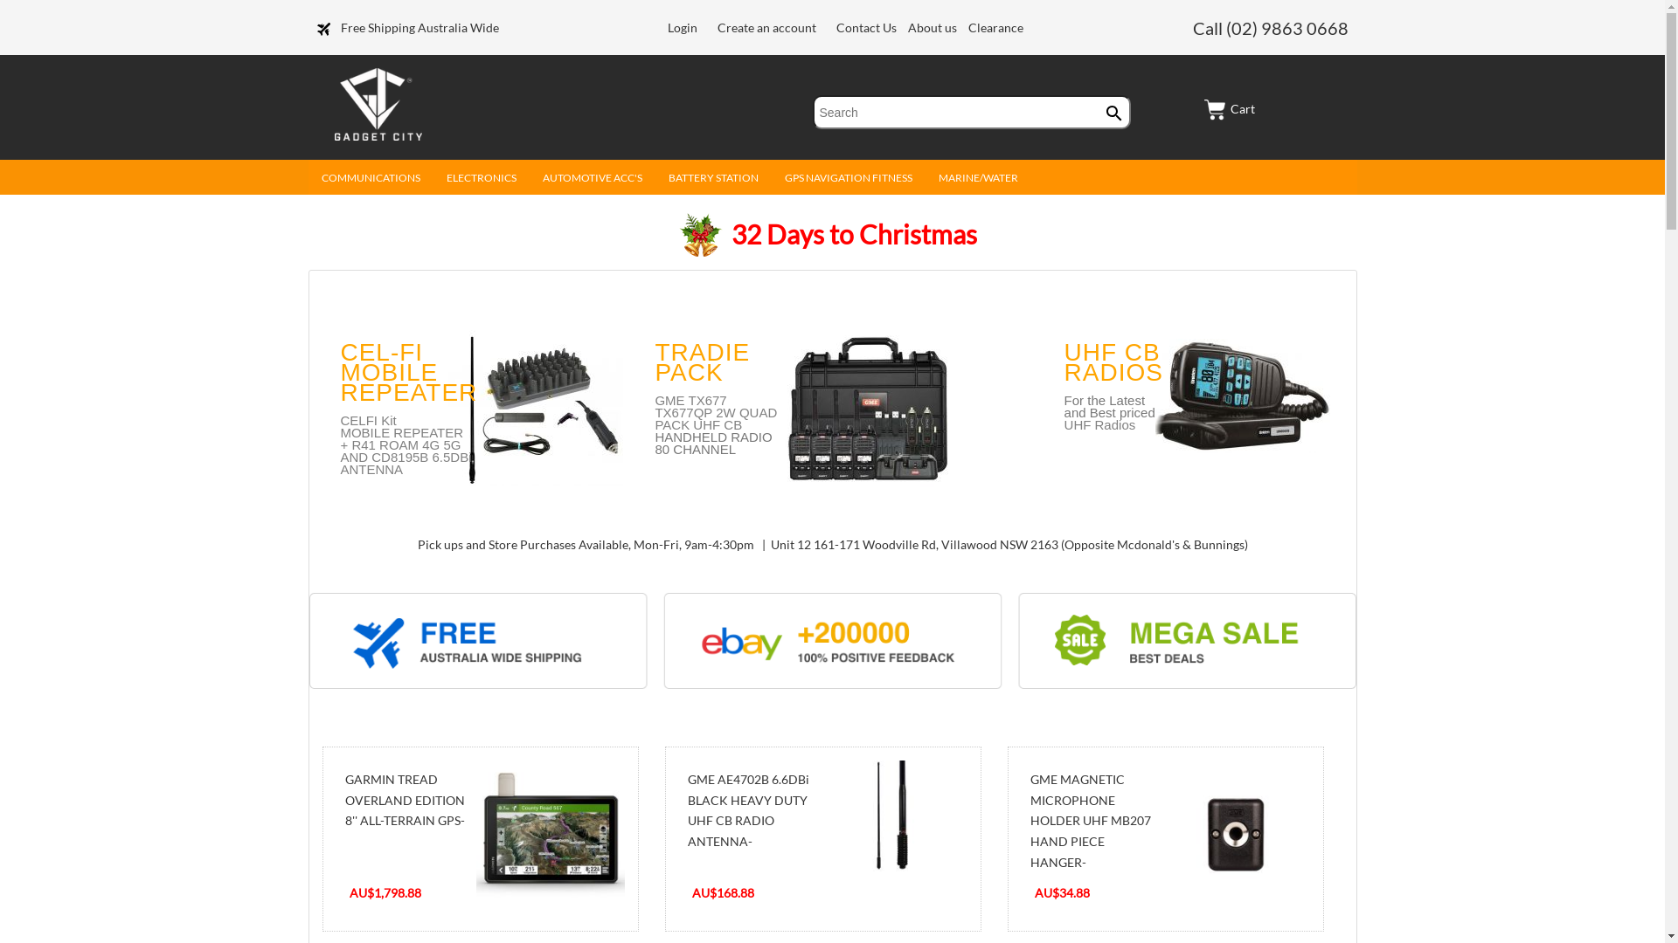  Describe the element at coordinates (933, 27) in the screenshot. I see `'About us'` at that location.